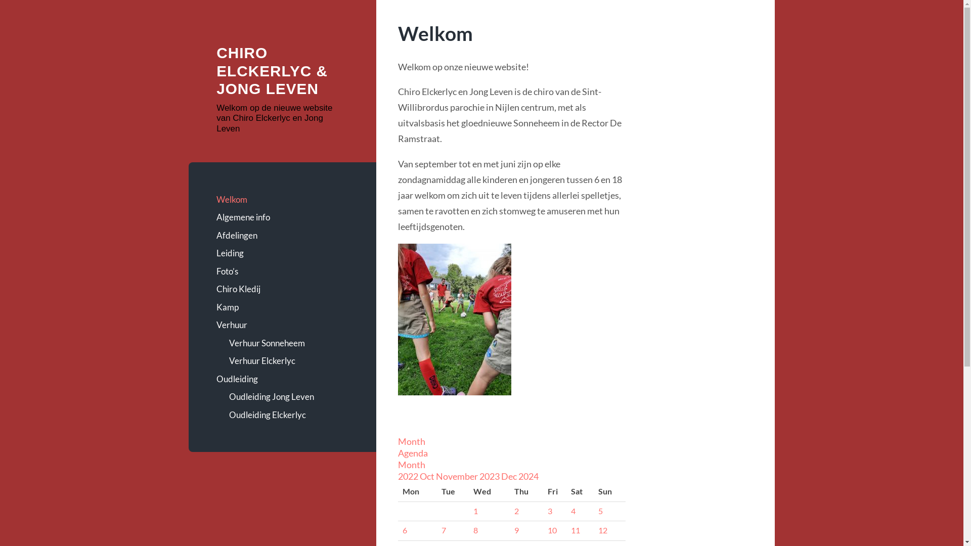 The image size is (971, 546). I want to click on '10', so click(552, 530).